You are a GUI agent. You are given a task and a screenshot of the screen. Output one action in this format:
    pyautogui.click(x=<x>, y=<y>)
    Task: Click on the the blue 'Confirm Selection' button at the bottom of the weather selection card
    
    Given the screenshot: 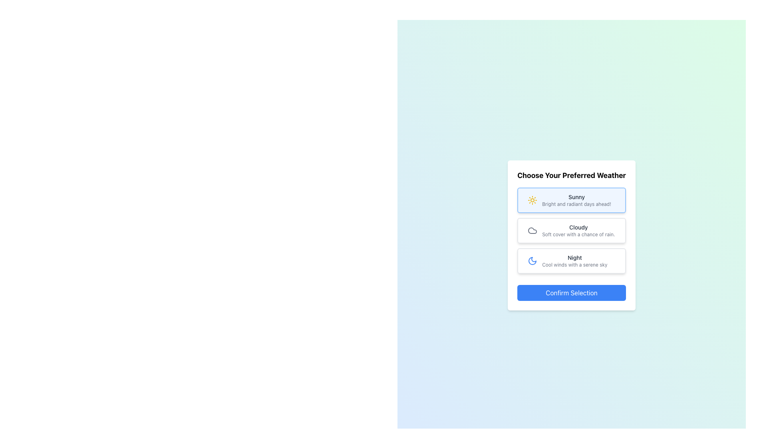 What is the action you would take?
    pyautogui.click(x=571, y=293)
    